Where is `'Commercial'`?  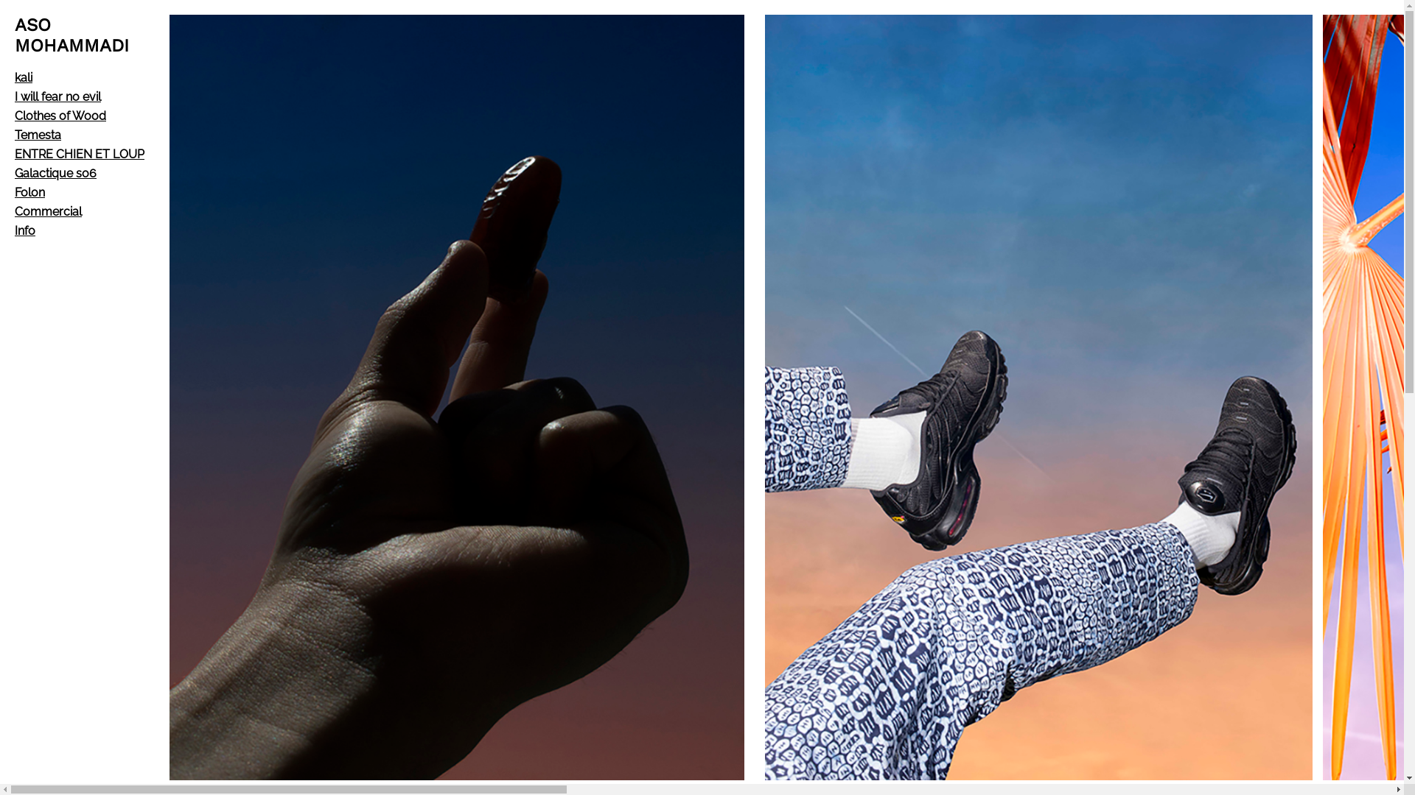 'Commercial' is located at coordinates (48, 211).